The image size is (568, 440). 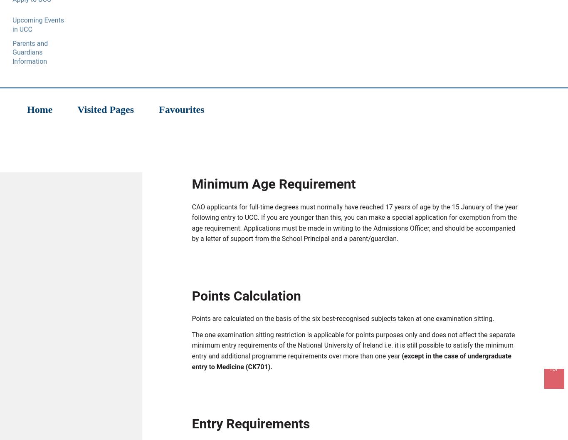 What do you see at coordinates (273, 124) in the screenshot?
I see `'CK115 Social Work; (Mature applicants only)'` at bounding box center [273, 124].